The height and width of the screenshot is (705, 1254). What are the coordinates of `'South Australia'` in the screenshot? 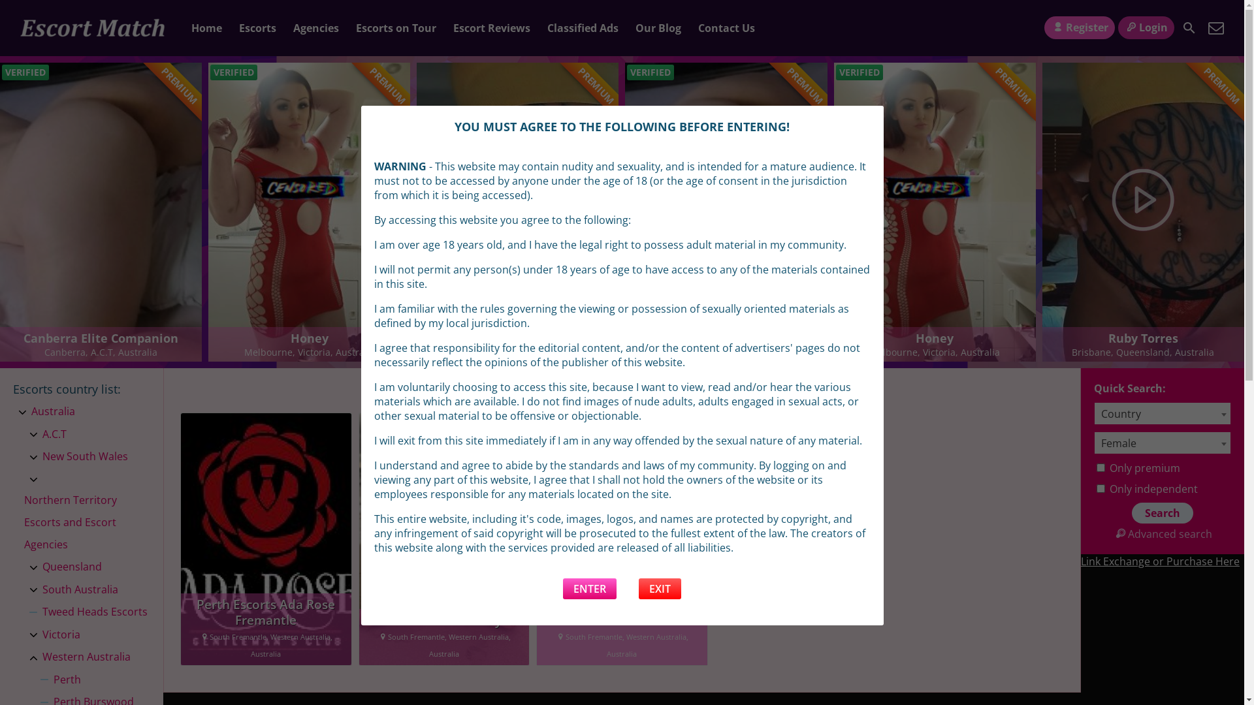 It's located at (42, 589).